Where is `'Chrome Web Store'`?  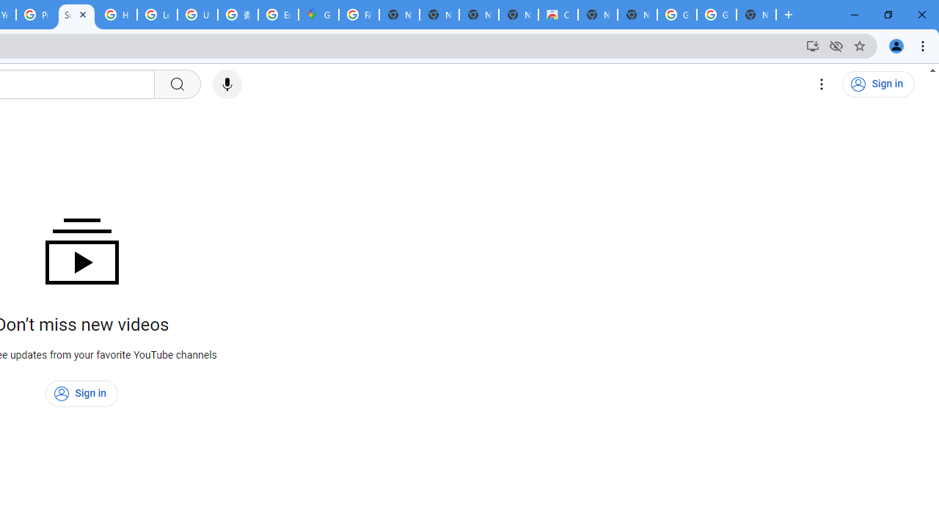
'Chrome Web Store' is located at coordinates (557, 15).